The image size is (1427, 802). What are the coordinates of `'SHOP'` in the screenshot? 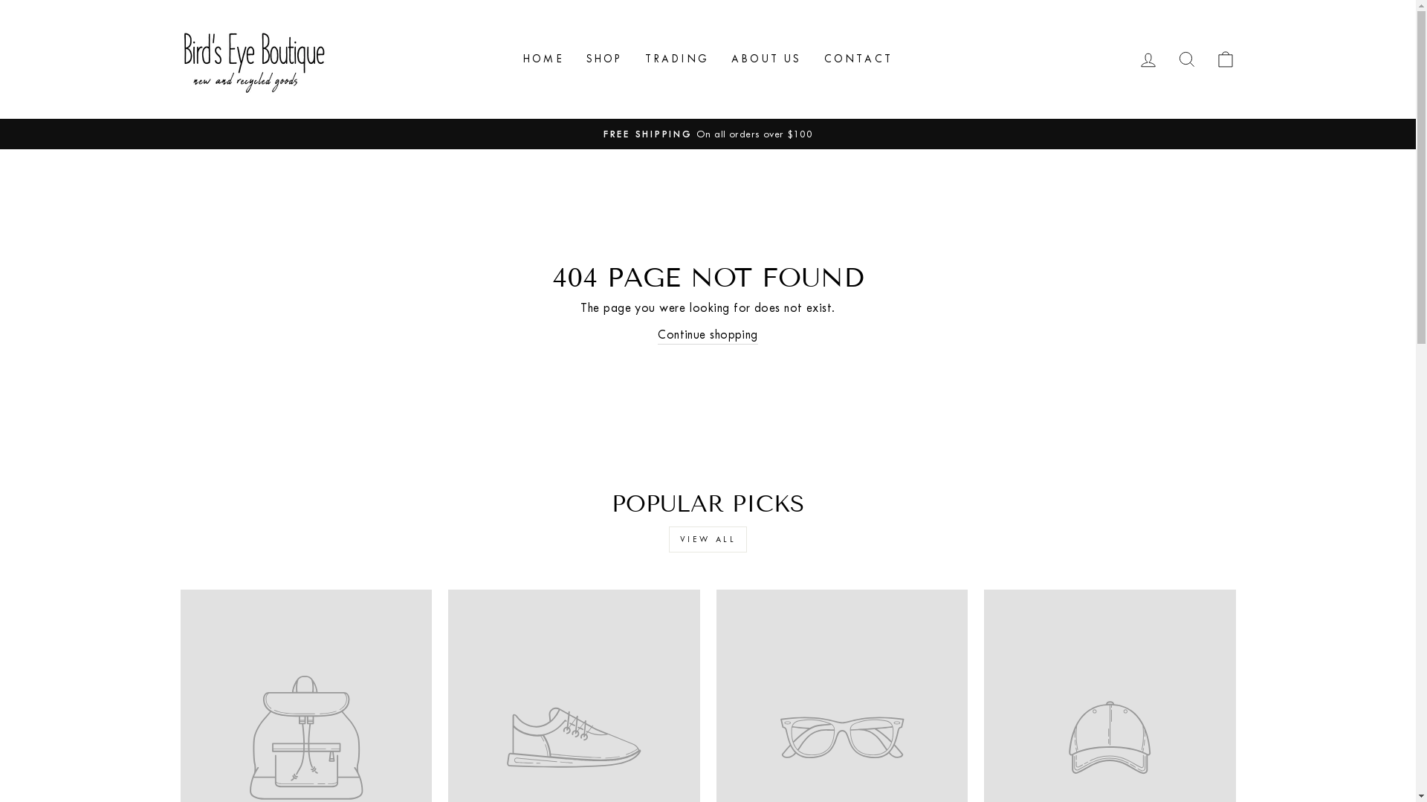 It's located at (604, 58).